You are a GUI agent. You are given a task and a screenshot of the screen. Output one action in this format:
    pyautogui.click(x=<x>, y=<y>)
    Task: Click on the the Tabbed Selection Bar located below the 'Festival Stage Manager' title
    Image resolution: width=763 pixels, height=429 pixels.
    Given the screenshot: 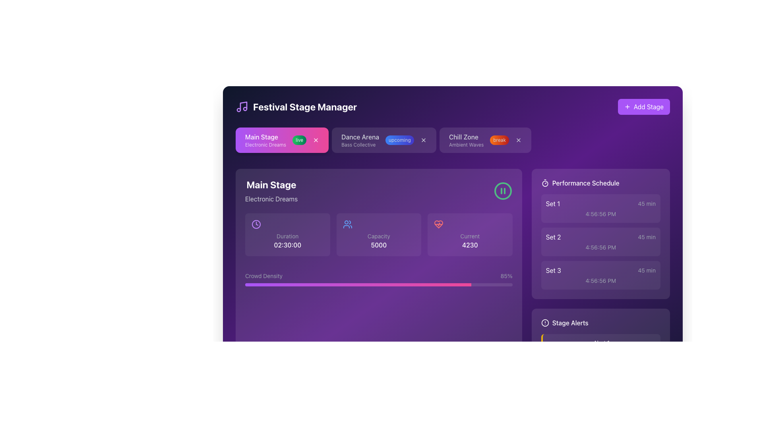 What is the action you would take?
    pyautogui.click(x=453, y=141)
    